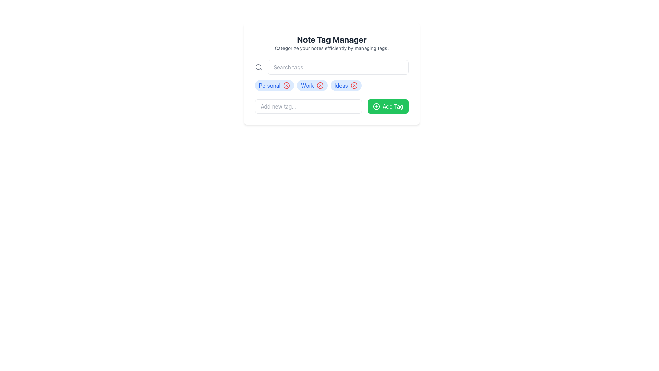  I want to click on the innermost circular part of the search icon located to the left of the 'Search tags...' input field at the top-center of the interface, so click(258, 67).